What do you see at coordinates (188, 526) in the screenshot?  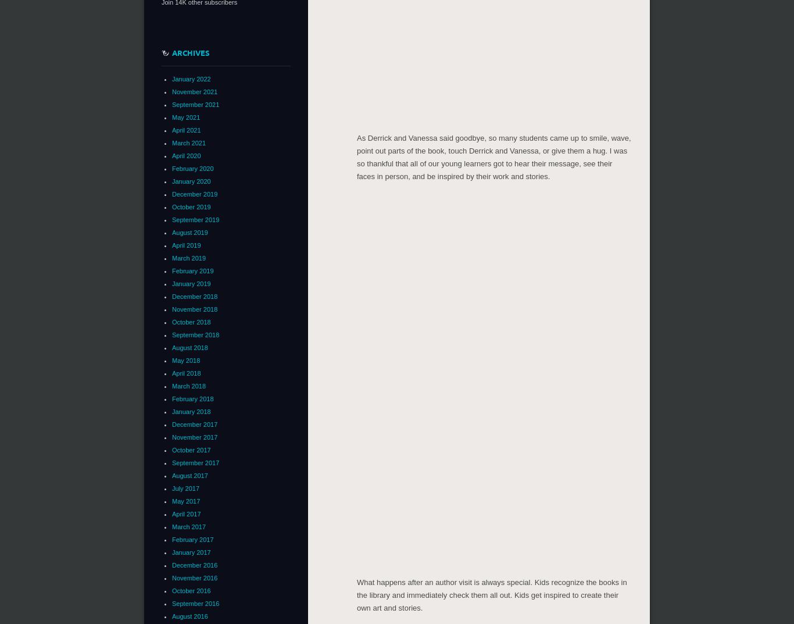 I see `'March 2017'` at bounding box center [188, 526].